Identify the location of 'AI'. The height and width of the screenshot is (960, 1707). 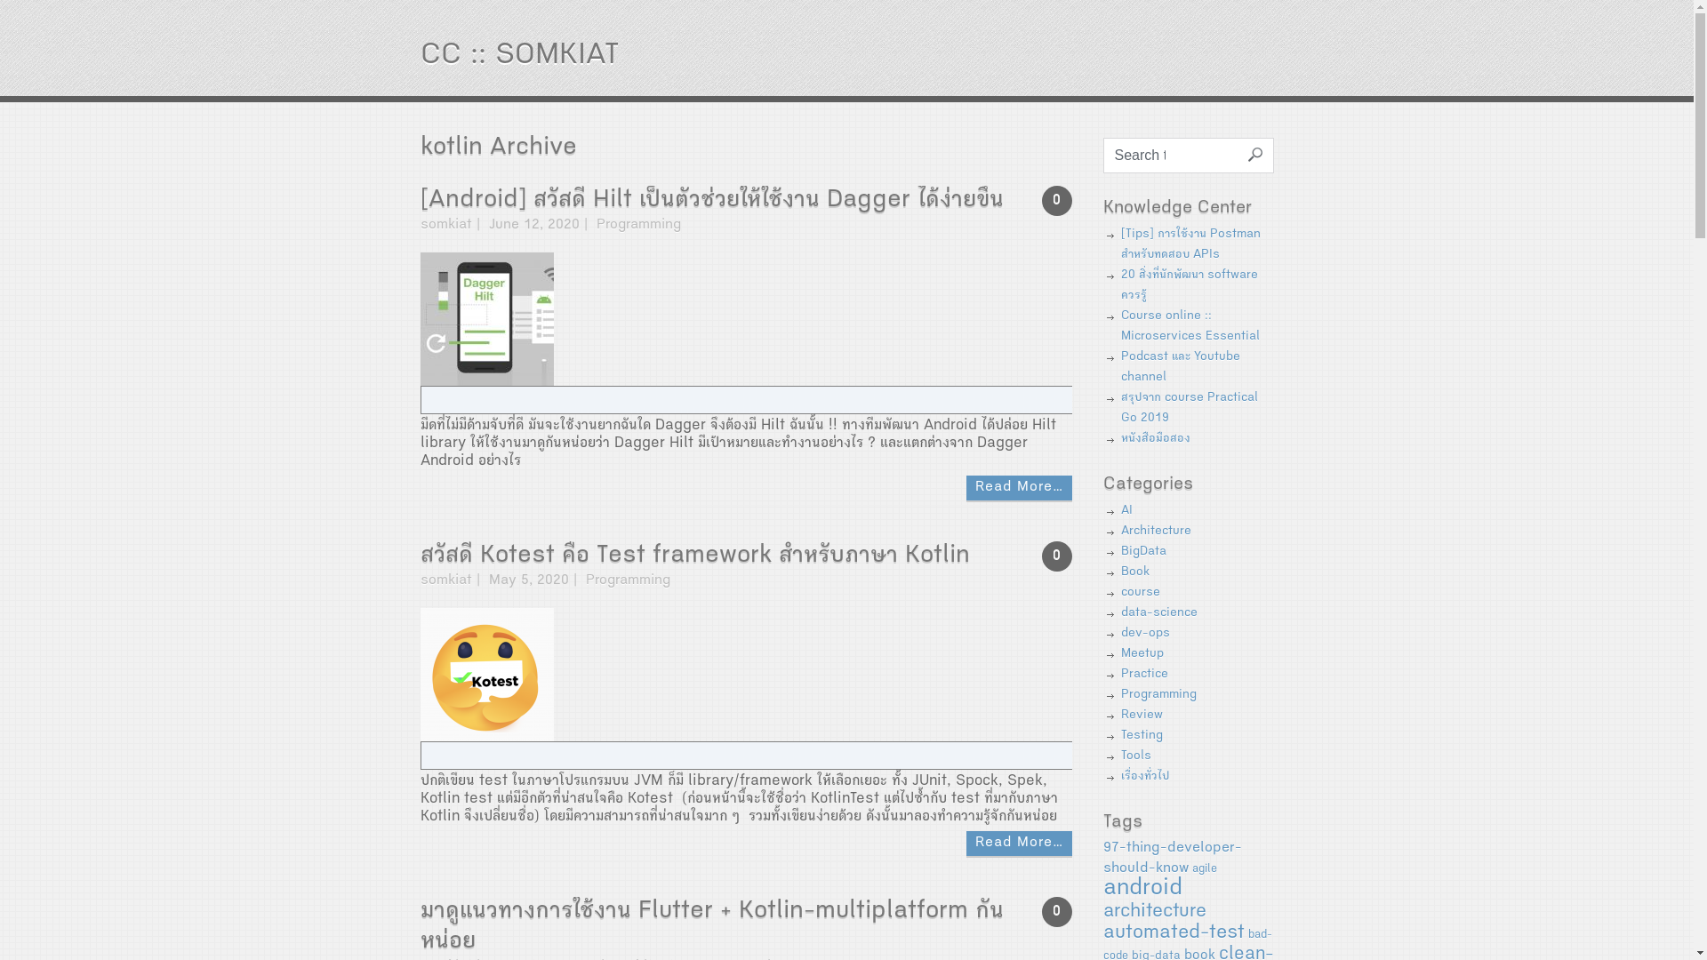
(1125, 510).